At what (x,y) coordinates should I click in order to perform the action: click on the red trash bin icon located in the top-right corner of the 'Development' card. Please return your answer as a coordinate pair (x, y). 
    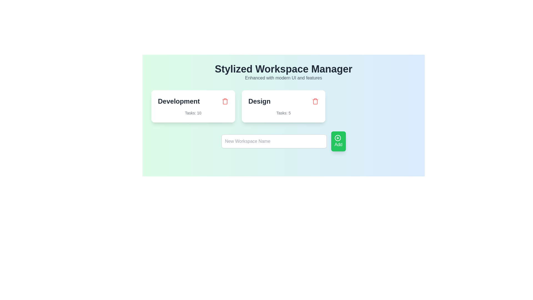
    Looking at the image, I should click on (225, 101).